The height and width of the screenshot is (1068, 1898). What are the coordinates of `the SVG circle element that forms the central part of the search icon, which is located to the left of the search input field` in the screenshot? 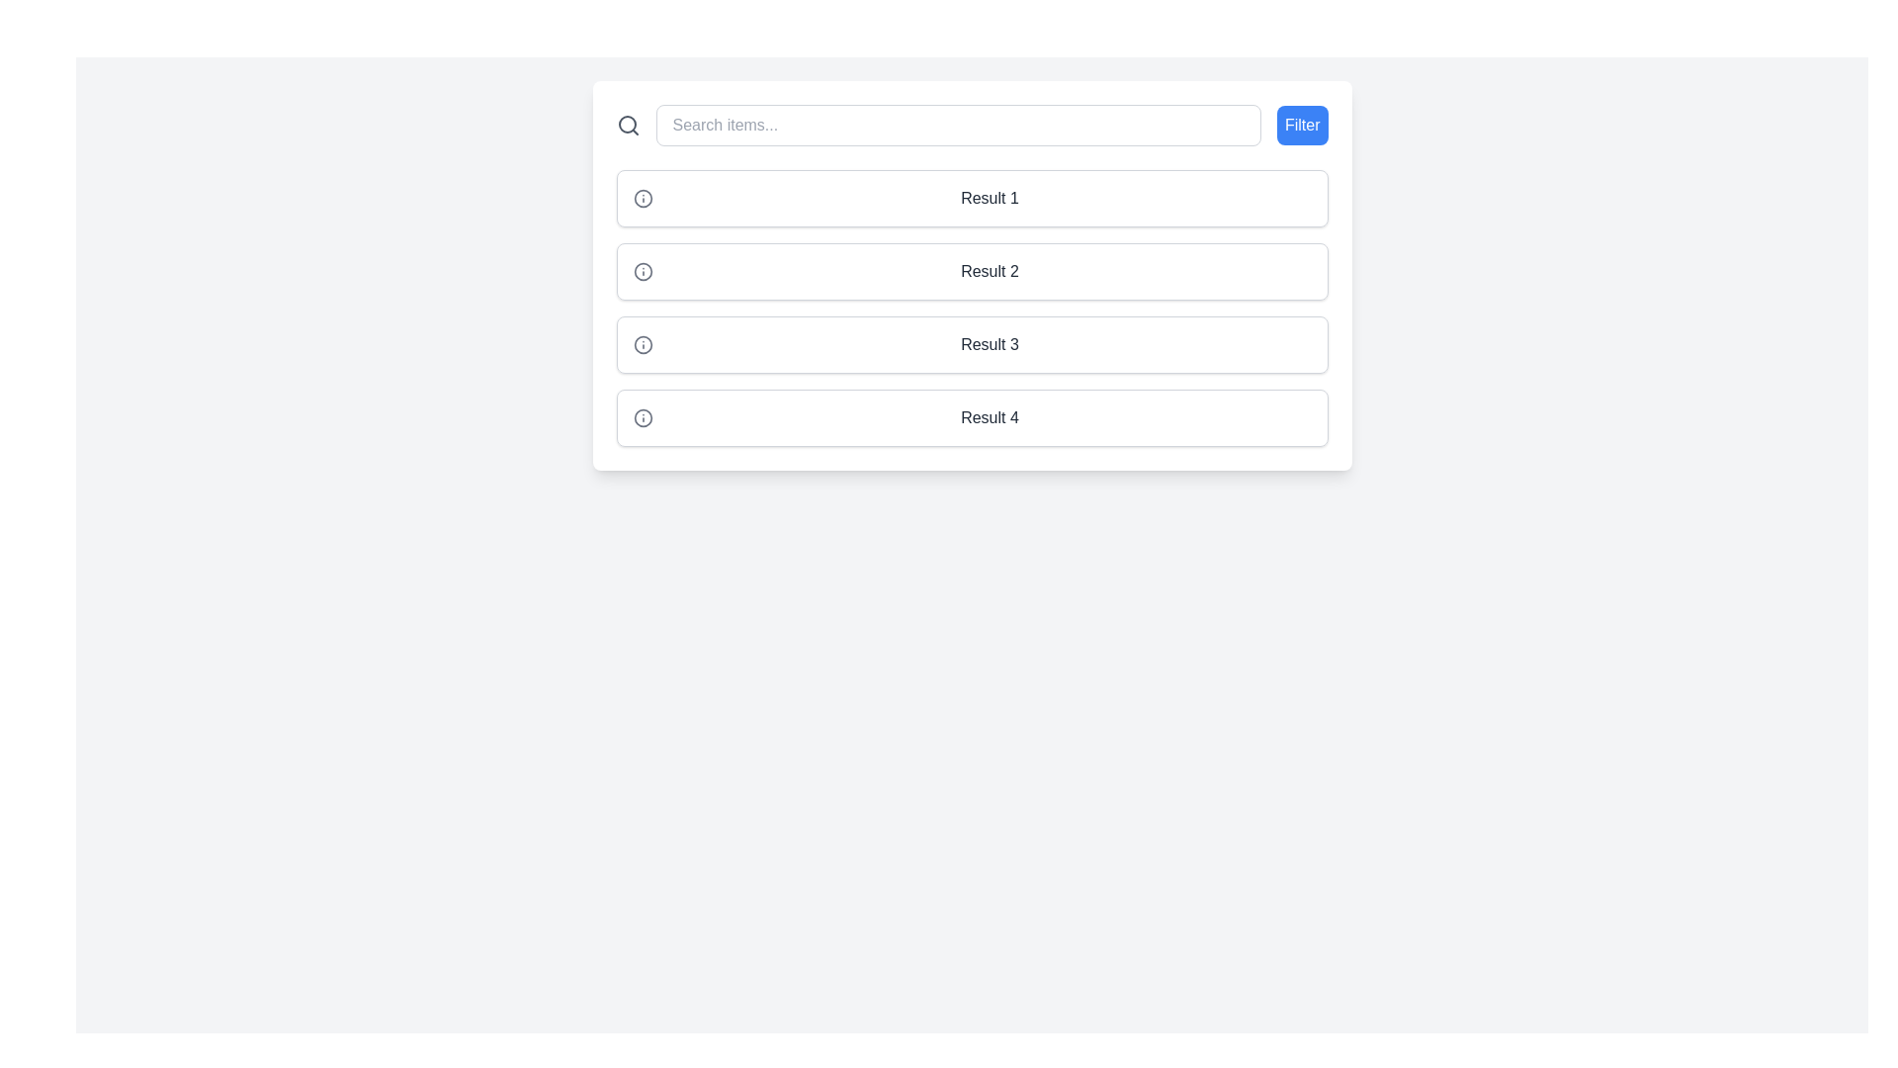 It's located at (626, 125).